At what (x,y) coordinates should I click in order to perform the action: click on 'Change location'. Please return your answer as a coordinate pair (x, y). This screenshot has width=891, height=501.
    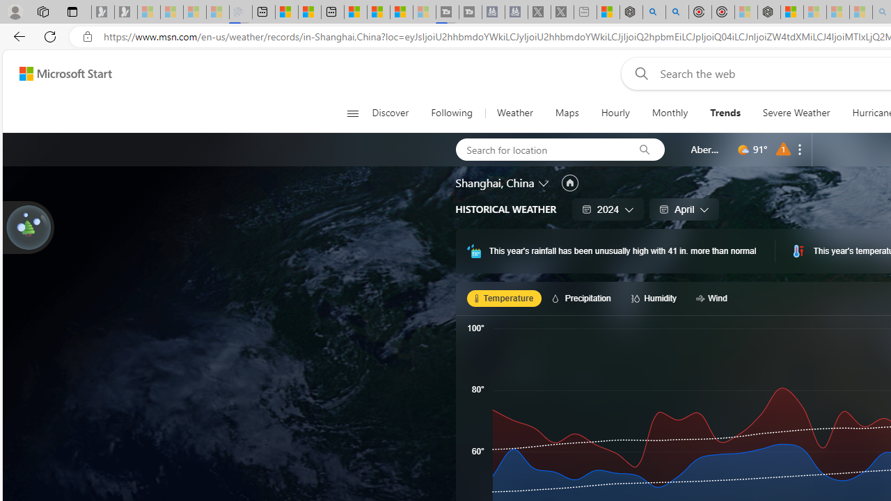
    Looking at the image, I should click on (544, 182).